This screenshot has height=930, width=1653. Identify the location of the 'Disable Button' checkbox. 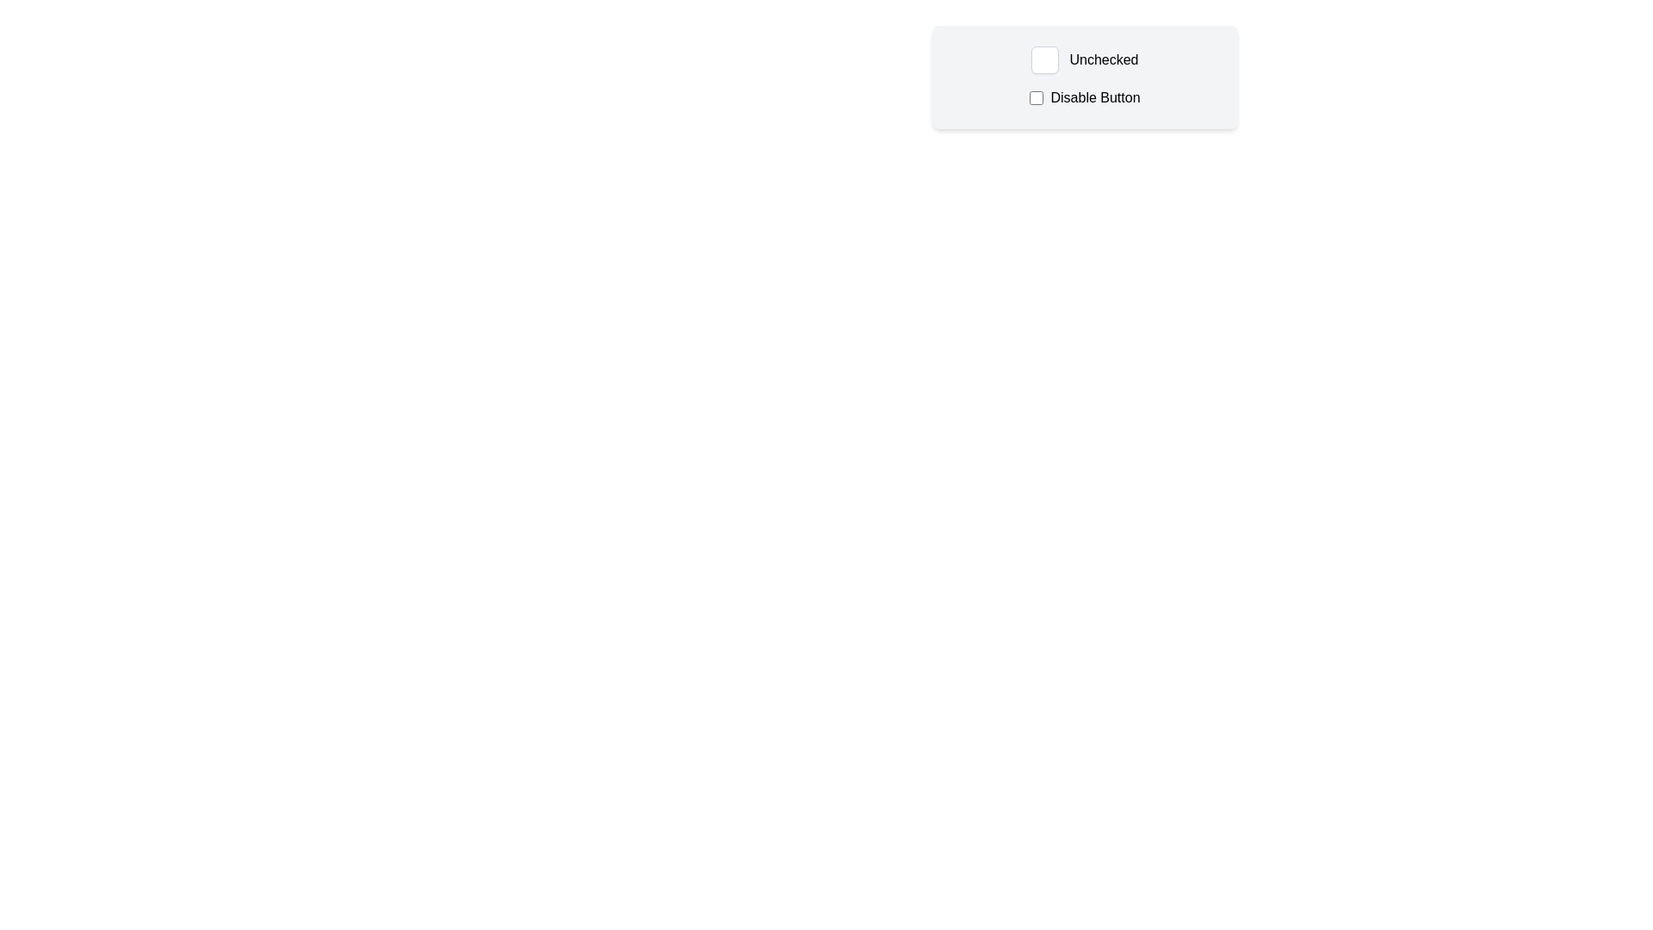
(1036, 98).